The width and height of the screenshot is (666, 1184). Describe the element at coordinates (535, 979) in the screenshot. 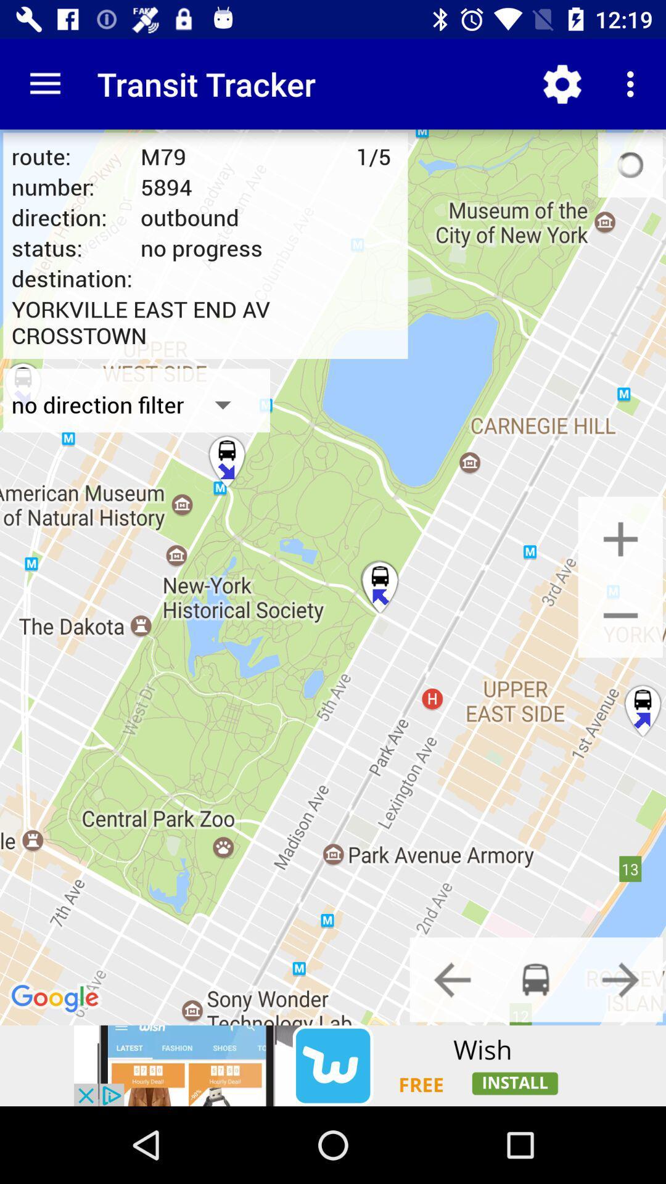

I see `mode of transport` at that location.